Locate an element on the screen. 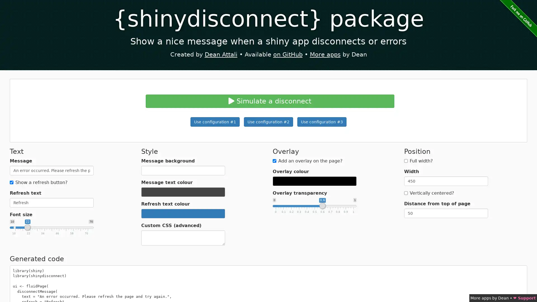  Use configuration #2 is located at coordinates (268, 121).